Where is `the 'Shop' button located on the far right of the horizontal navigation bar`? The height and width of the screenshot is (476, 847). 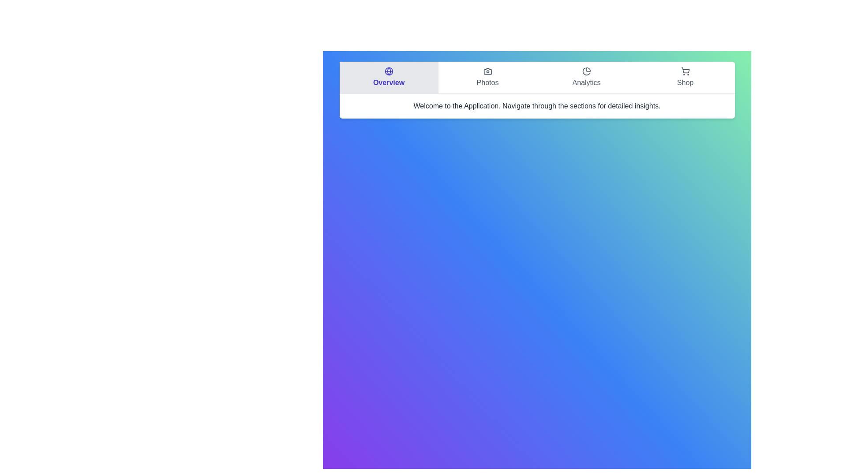 the 'Shop' button located on the far right of the horizontal navigation bar is located at coordinates (685, 77).